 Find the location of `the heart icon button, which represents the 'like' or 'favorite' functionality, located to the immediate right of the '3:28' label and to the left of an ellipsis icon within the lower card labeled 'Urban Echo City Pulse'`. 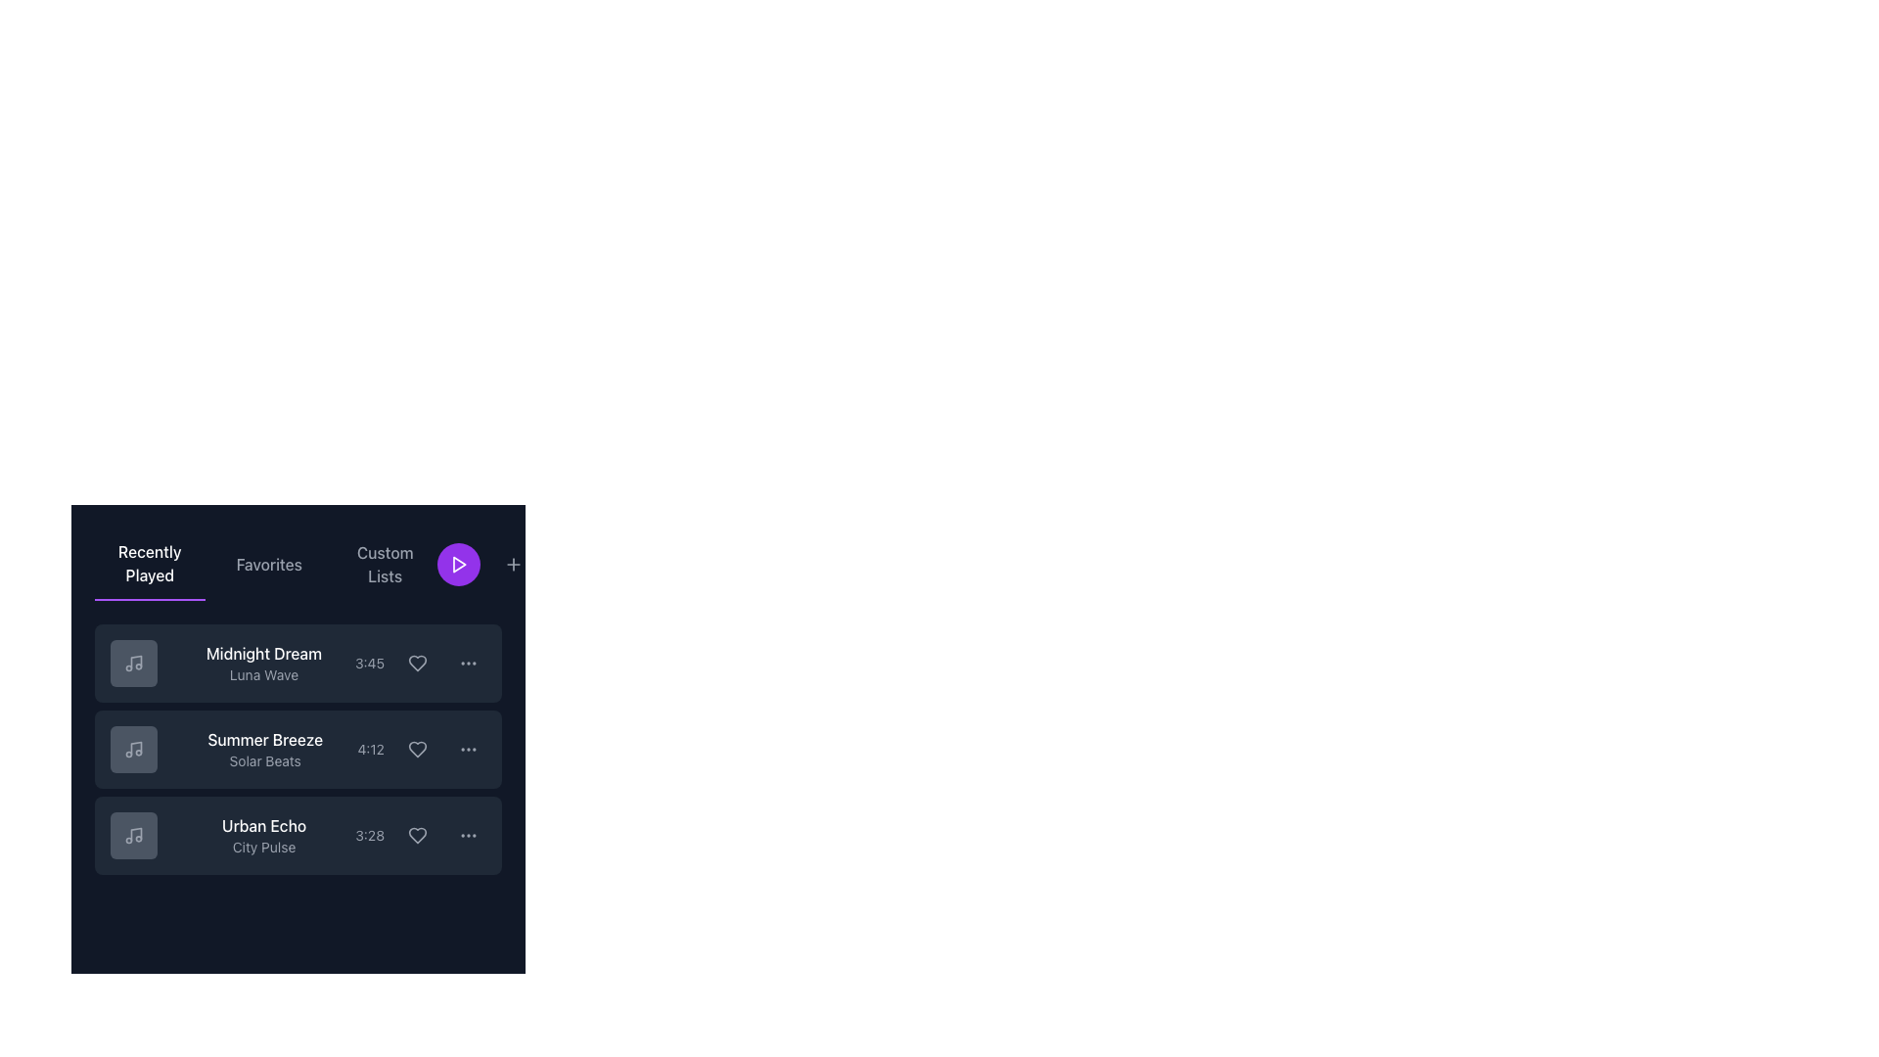

the heart icon button, which represents the 'like' or 'favorite' functionality, located to the immediate right of the '3:28' label and to the left of an ellipsis icon within the lower card labeled 'Urban Echo City Pulse' is located at coordinates (420, 835).